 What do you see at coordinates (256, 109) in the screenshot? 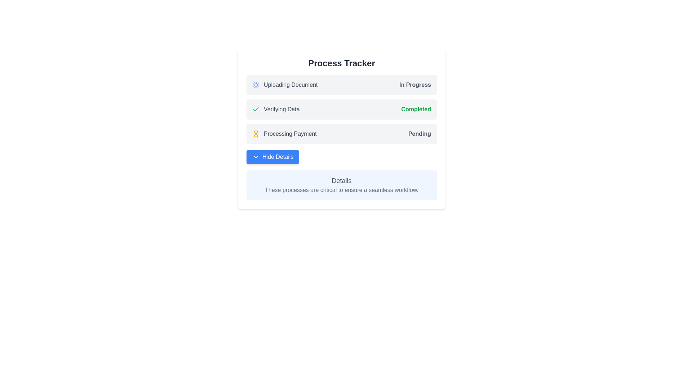
I see `the green checkmark icon in the 'Process Tracker' section, which is associated with the 'Verifying Data' step, indicating completion` at bounding box center [256, 109].